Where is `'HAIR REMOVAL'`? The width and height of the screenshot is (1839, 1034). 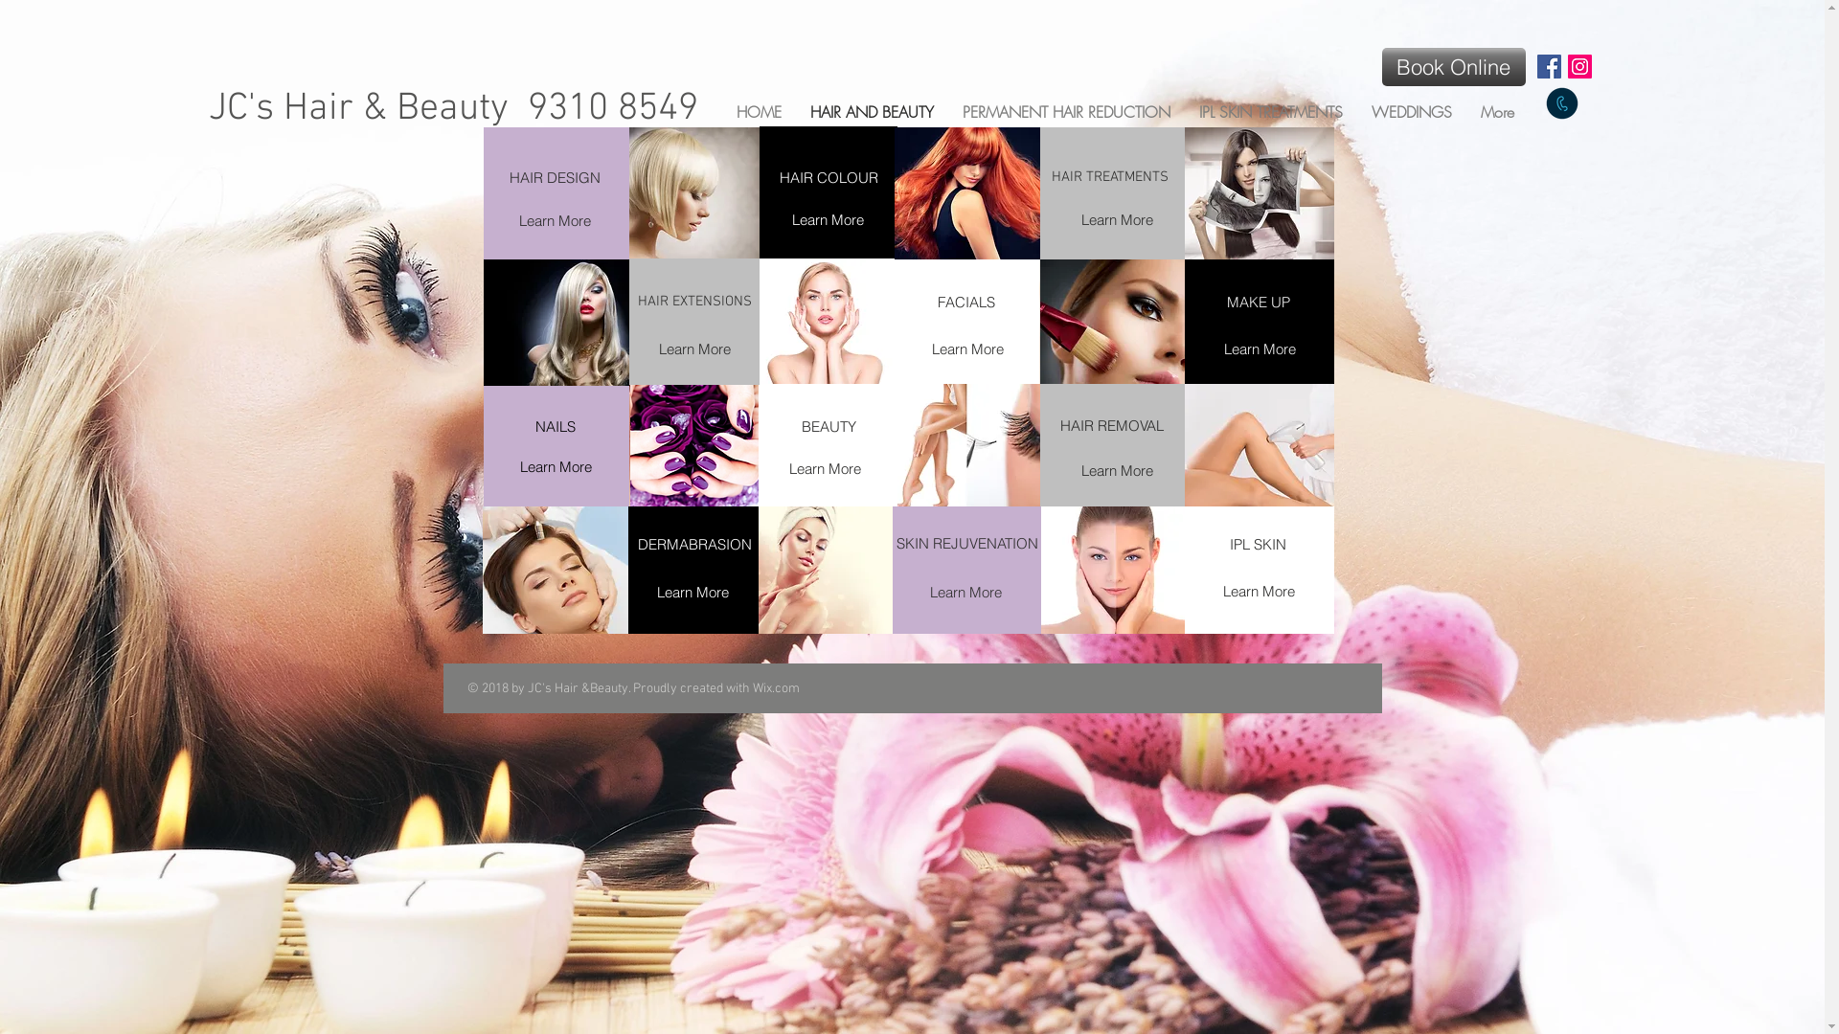
'HAIR REMOVAL' is located at coordinates (1112, 424).